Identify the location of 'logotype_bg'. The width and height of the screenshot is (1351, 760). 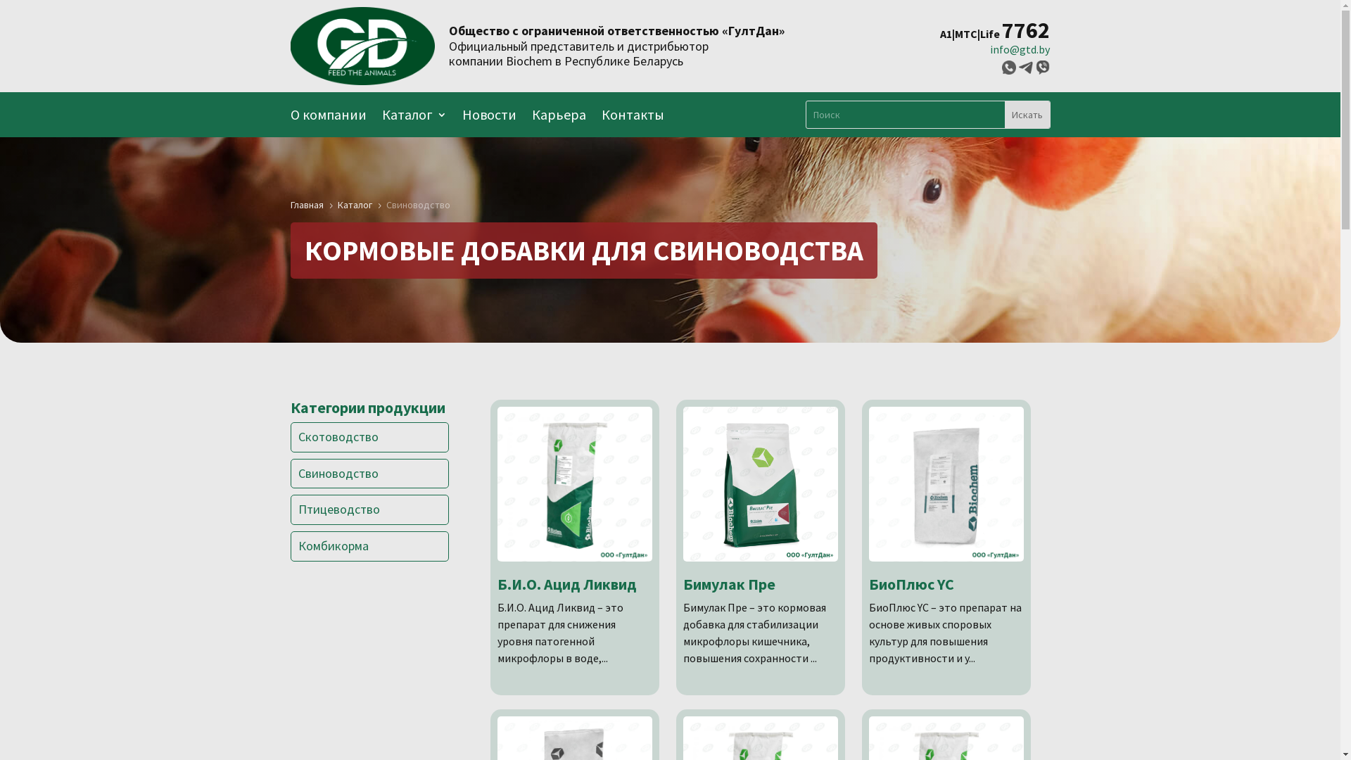
(362, 45).